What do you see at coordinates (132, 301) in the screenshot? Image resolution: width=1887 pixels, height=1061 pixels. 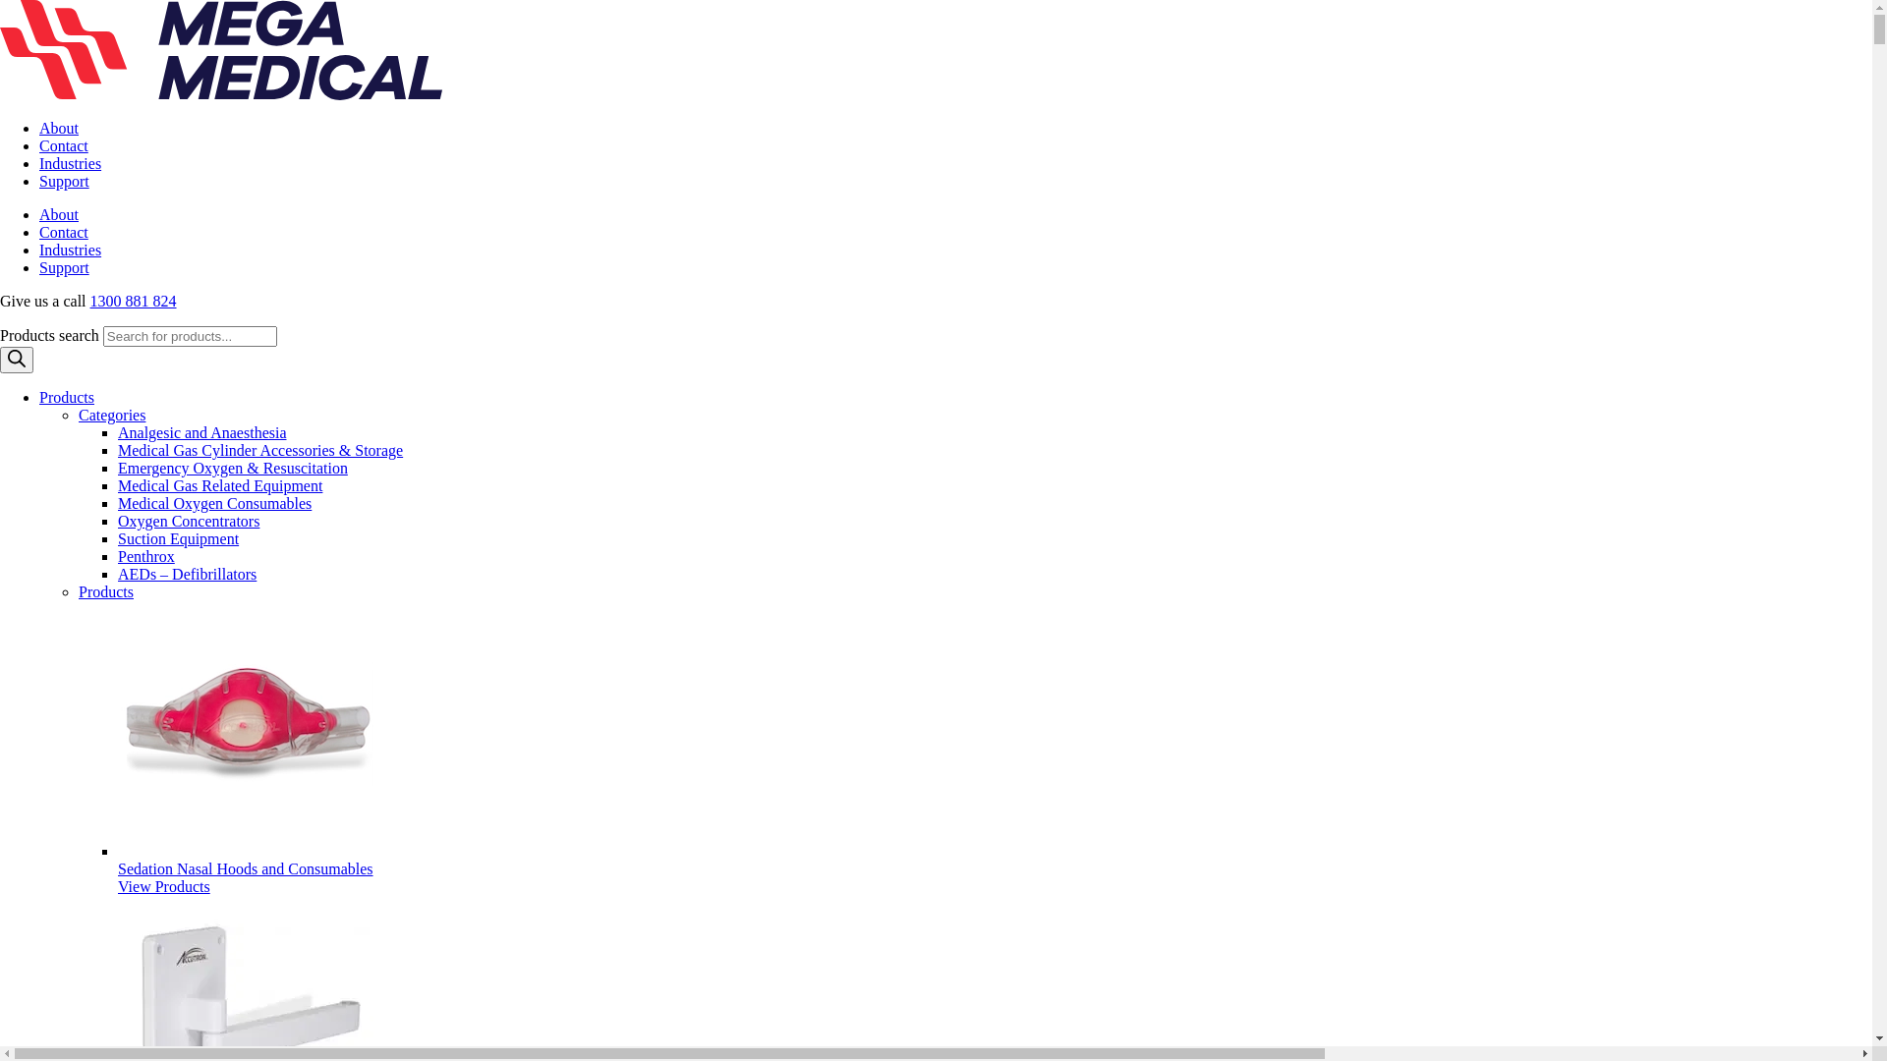 I see `'1300 881 824'` at bounding box center [132, 301].